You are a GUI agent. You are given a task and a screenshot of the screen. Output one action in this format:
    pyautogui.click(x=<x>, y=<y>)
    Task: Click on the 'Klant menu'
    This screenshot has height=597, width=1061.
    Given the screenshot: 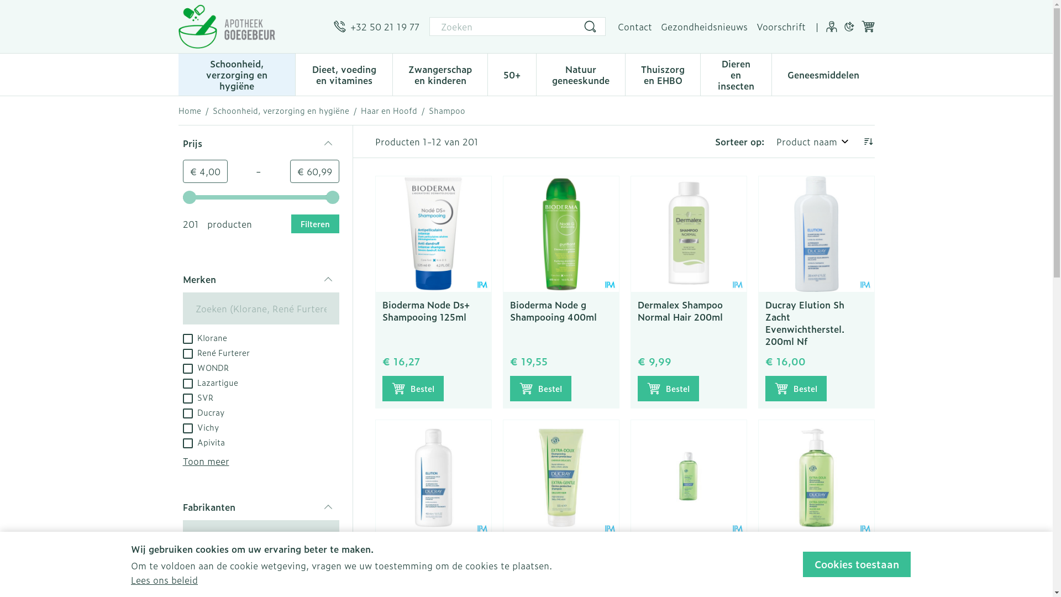 What is the action you would take?
    pyautogui.click(x=831, y=25)
    